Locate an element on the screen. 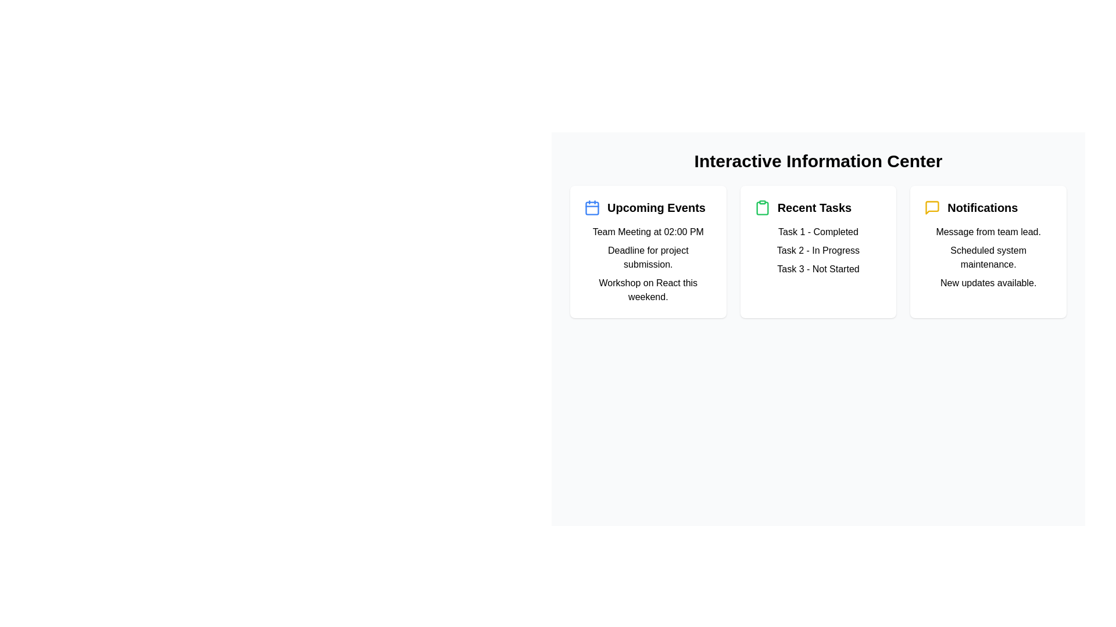  the text label displaying 'Deadline for project submission.' which is located within the 'Upcoming Events' card in a multi-card layout is located at coordinates (648, 257).